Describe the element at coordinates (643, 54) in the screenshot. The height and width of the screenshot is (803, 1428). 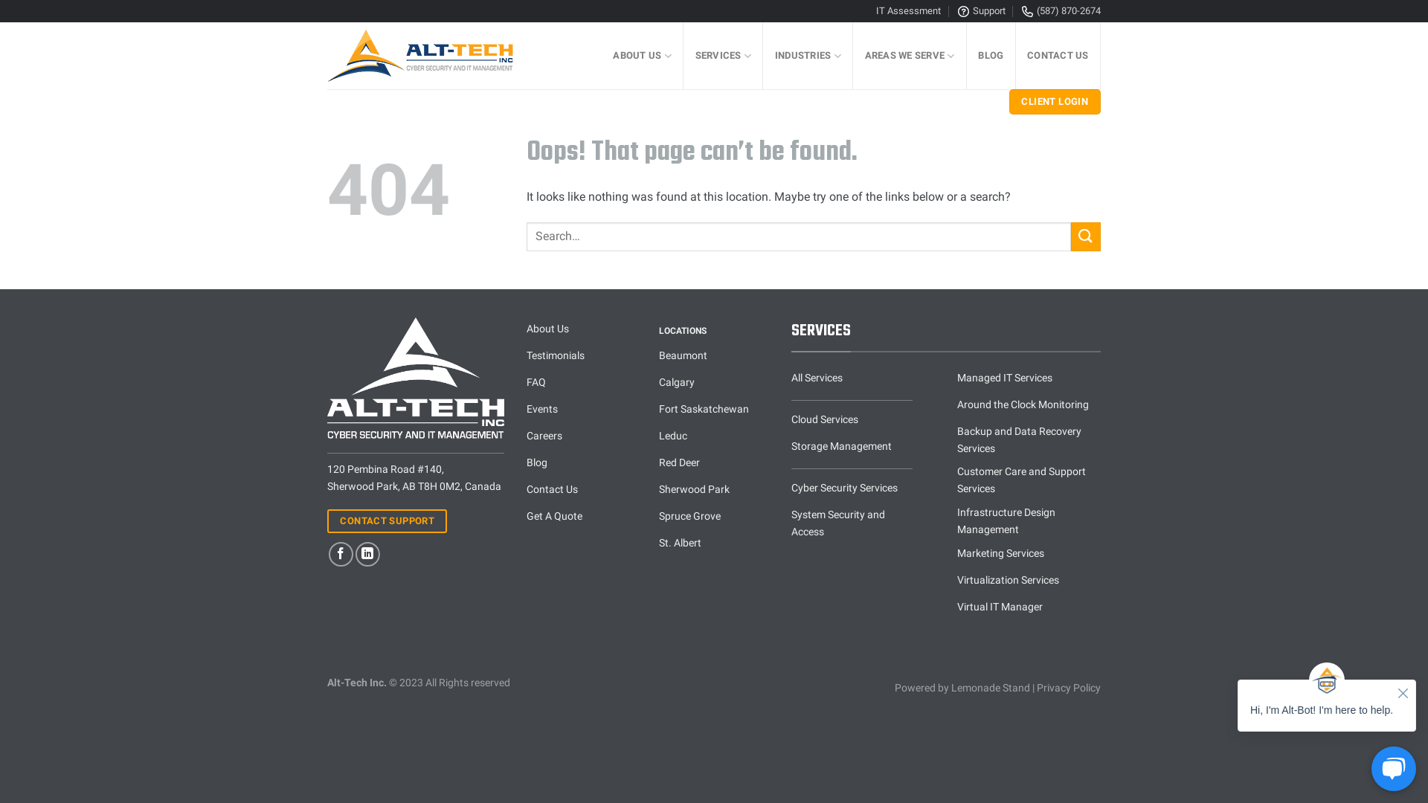
I see `'ABOUT US'` at that location.